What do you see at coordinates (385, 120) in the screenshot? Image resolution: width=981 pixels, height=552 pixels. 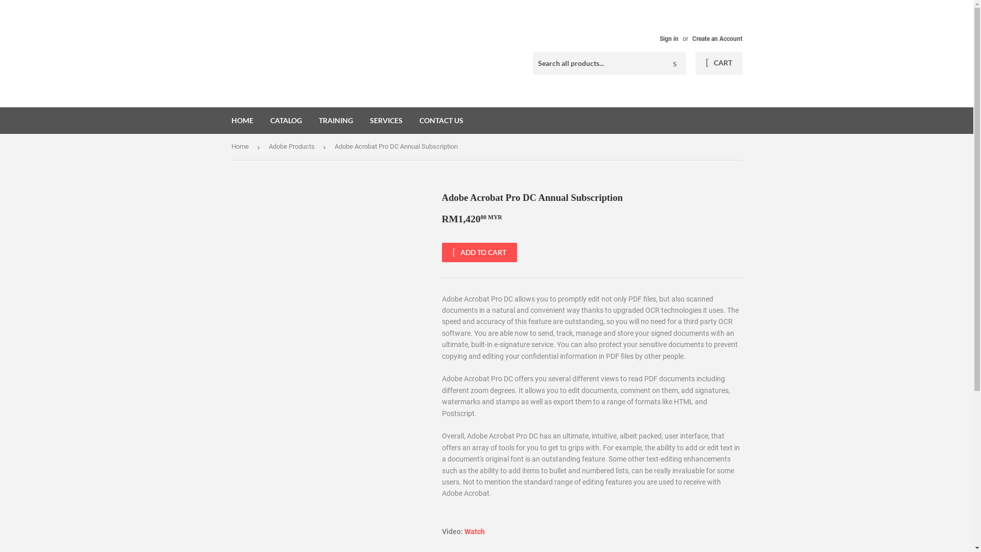 I see `'SERVICES'` at bounding box center [385, 120].